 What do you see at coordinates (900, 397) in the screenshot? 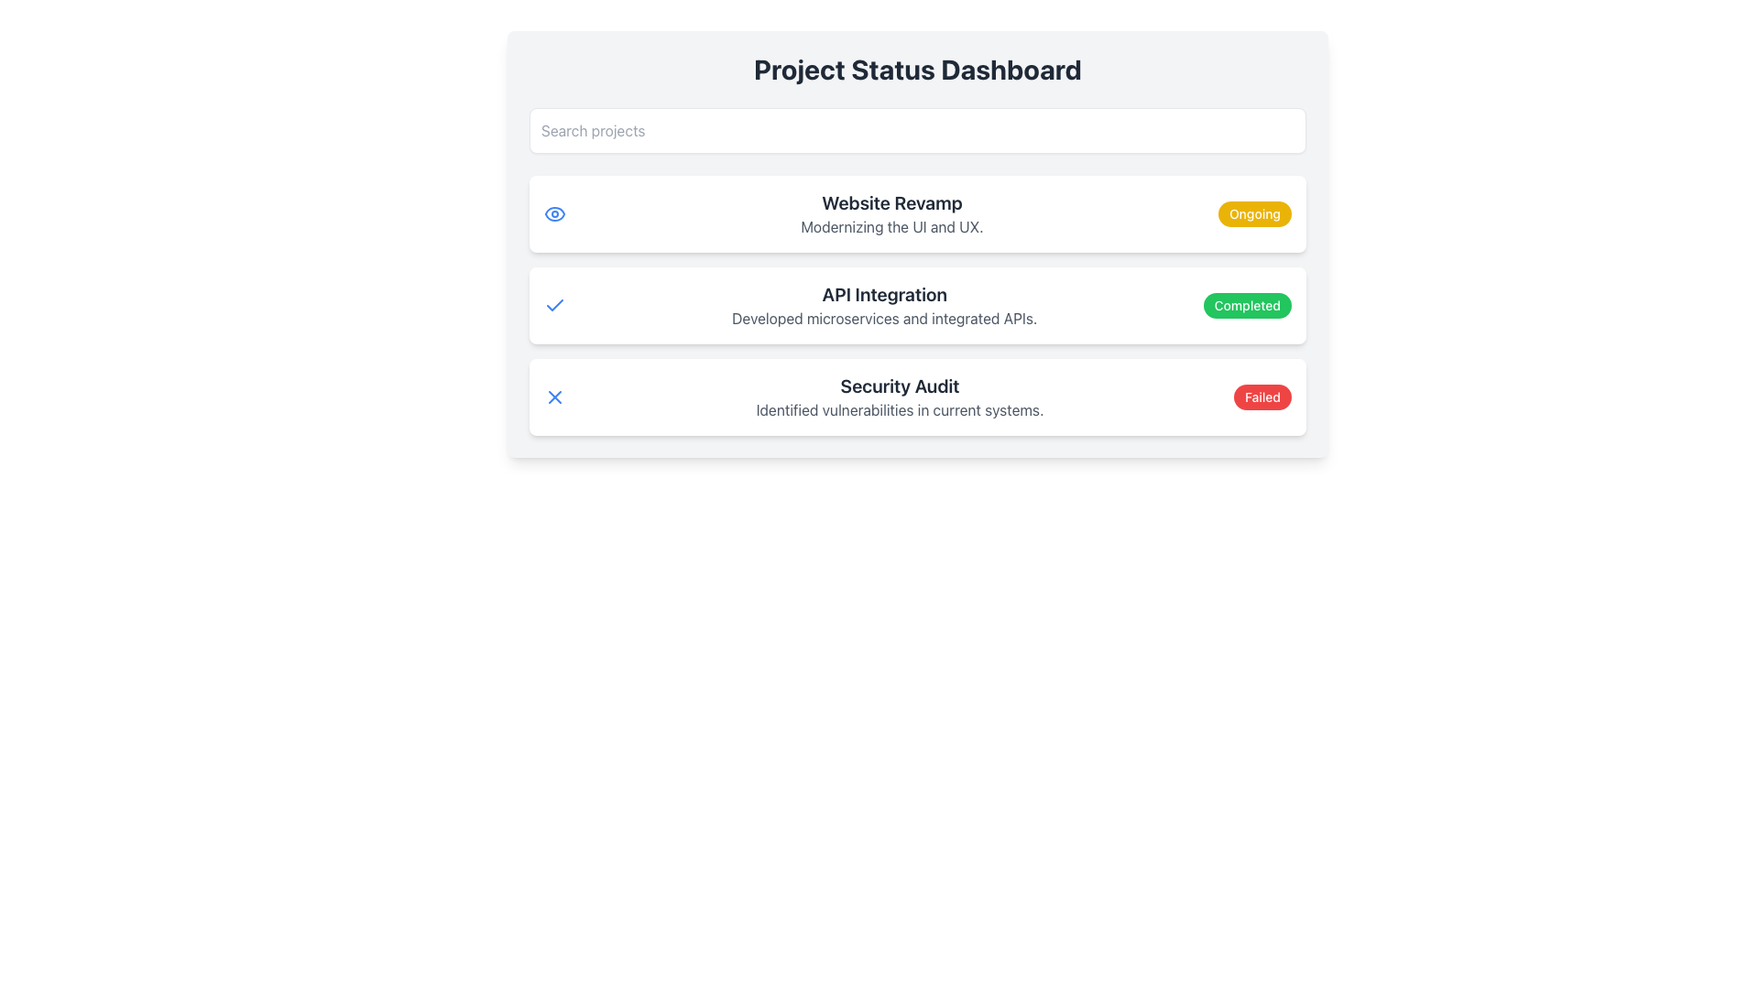
I see `the descriptive text block labeled 'Security Audit'` at bounding box center [900, 397].